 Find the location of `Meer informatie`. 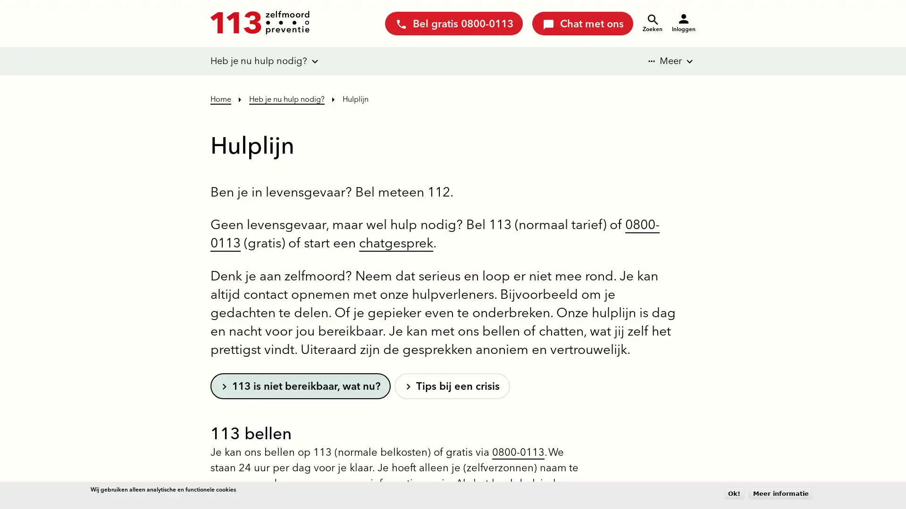

Meer informatie is located at coordinates (781, 493).